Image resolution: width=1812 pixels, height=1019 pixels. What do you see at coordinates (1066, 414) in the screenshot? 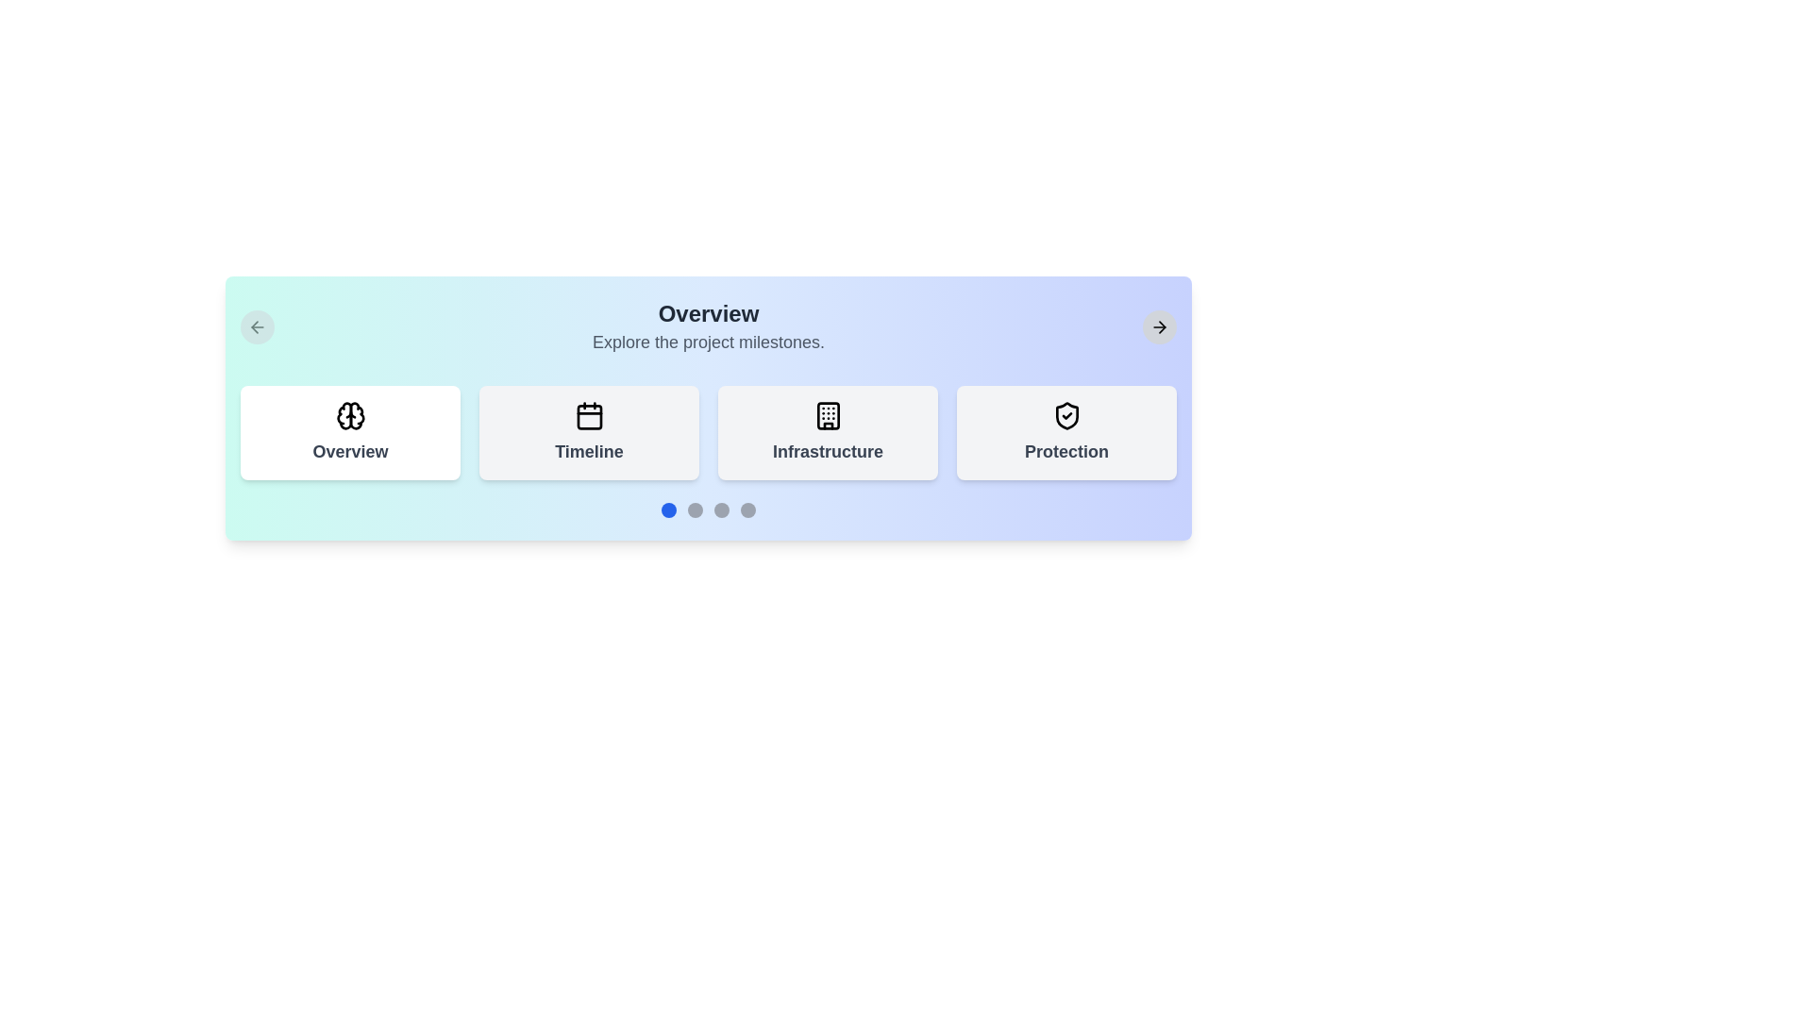
I see `the protection icon, which is the fourth element in a horizontally aligned carousel and has the label 'Protection' below it` at bounding box center [1066, 414].